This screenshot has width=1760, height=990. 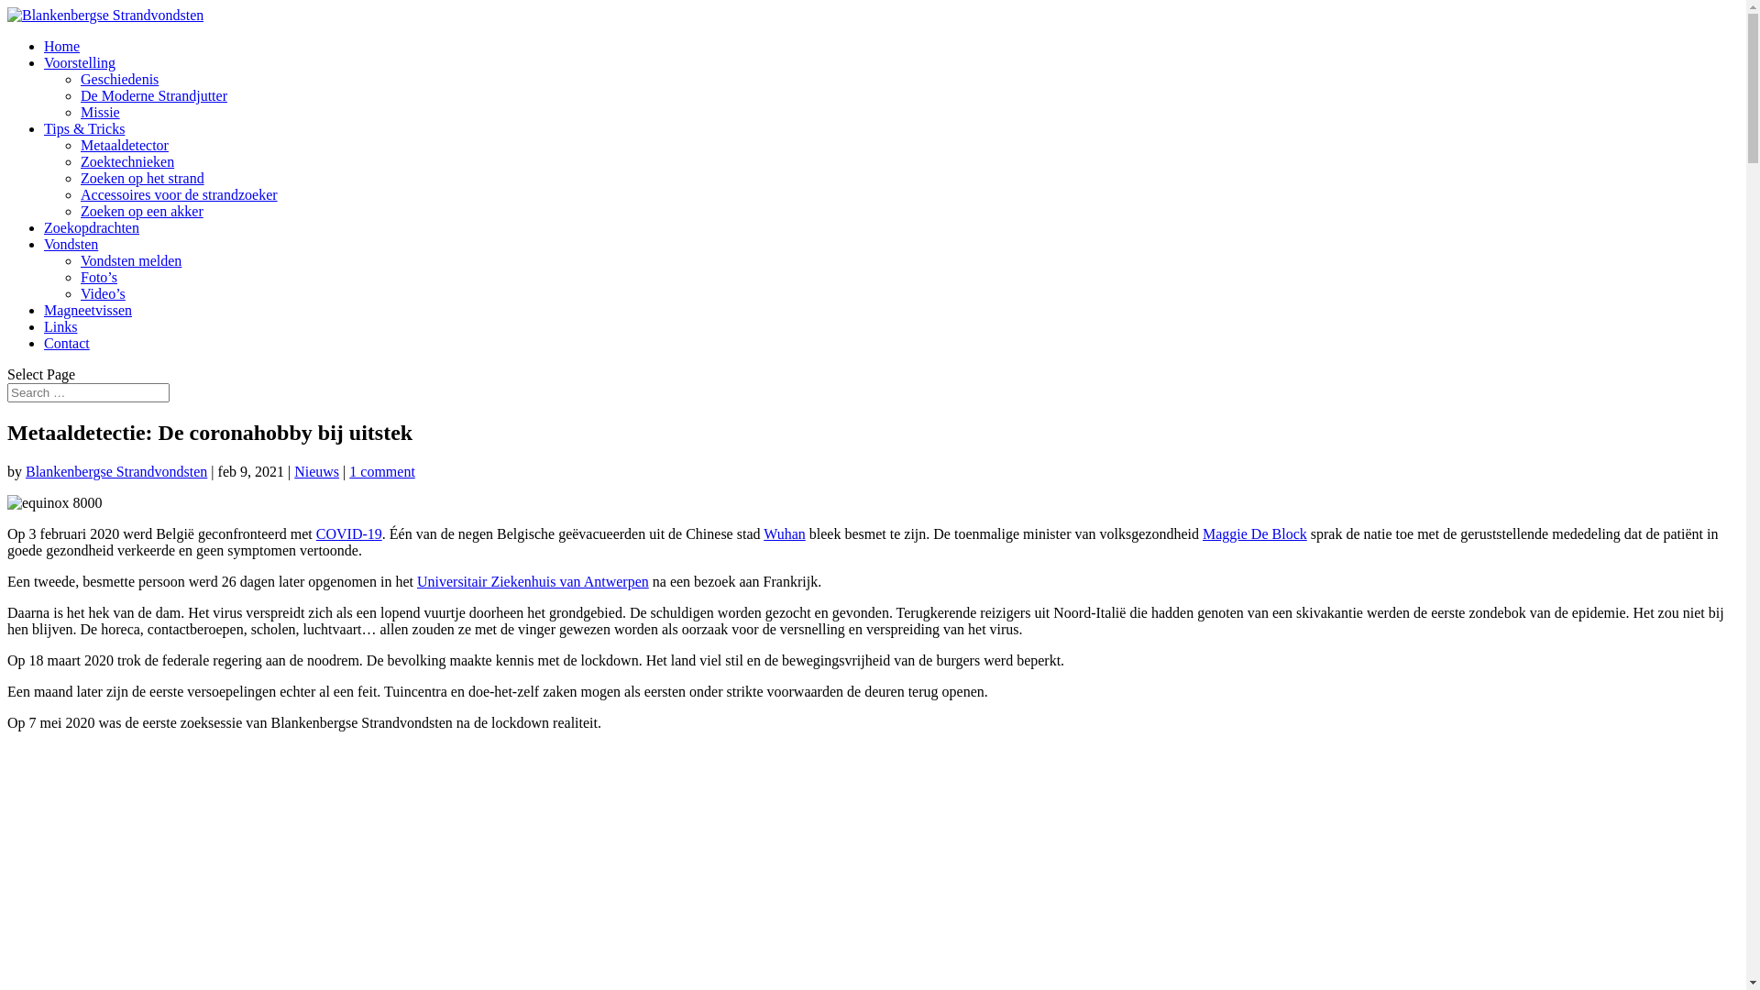 I want to click on 'Blankenbergse Strandvondsten', so click(x=115, y=470).